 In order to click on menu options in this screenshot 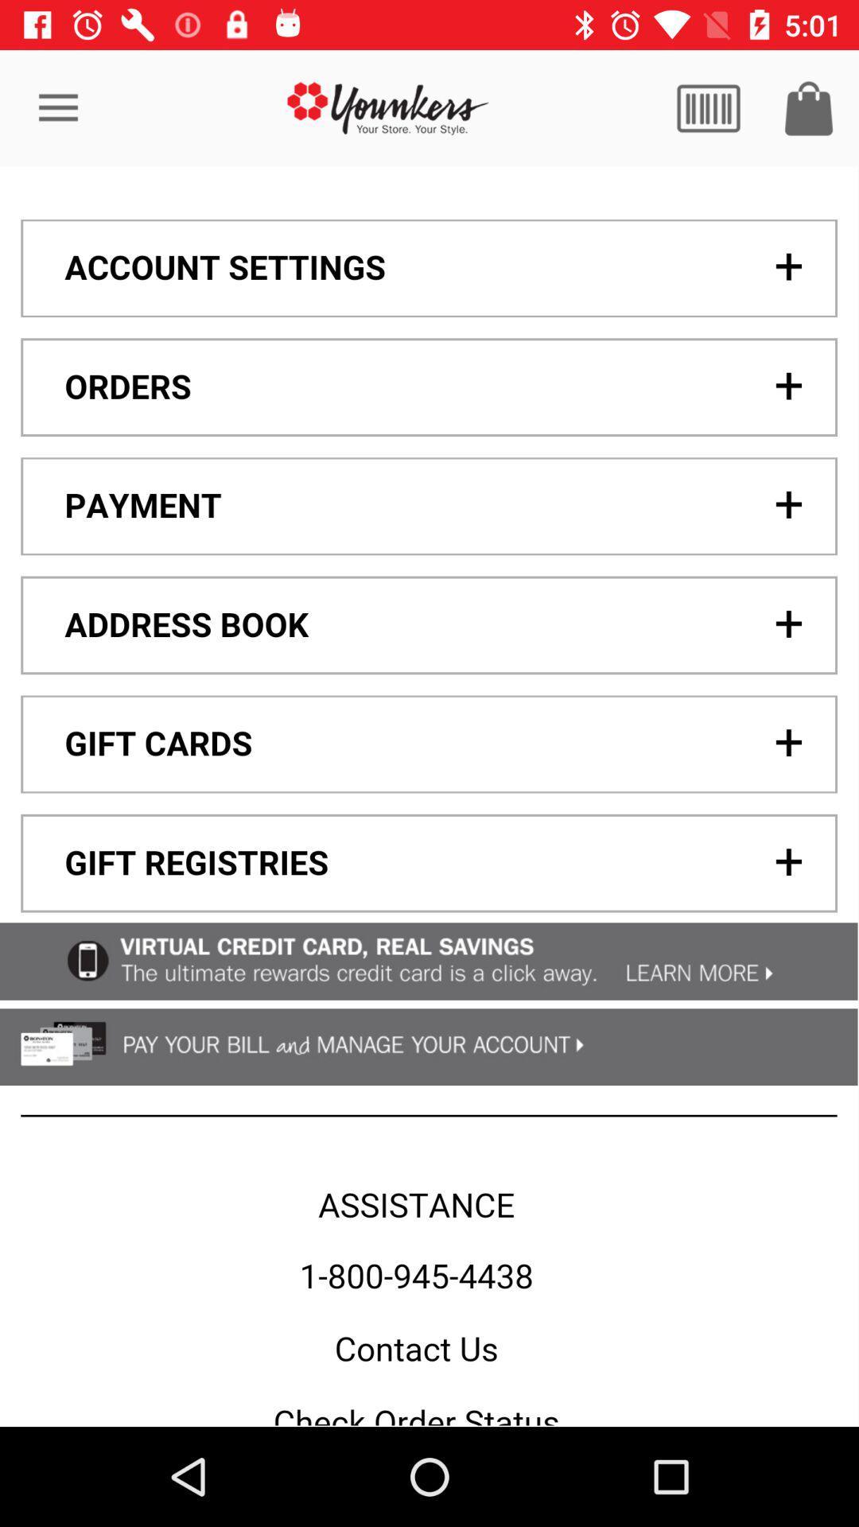, I will do `click(428, 796)`.